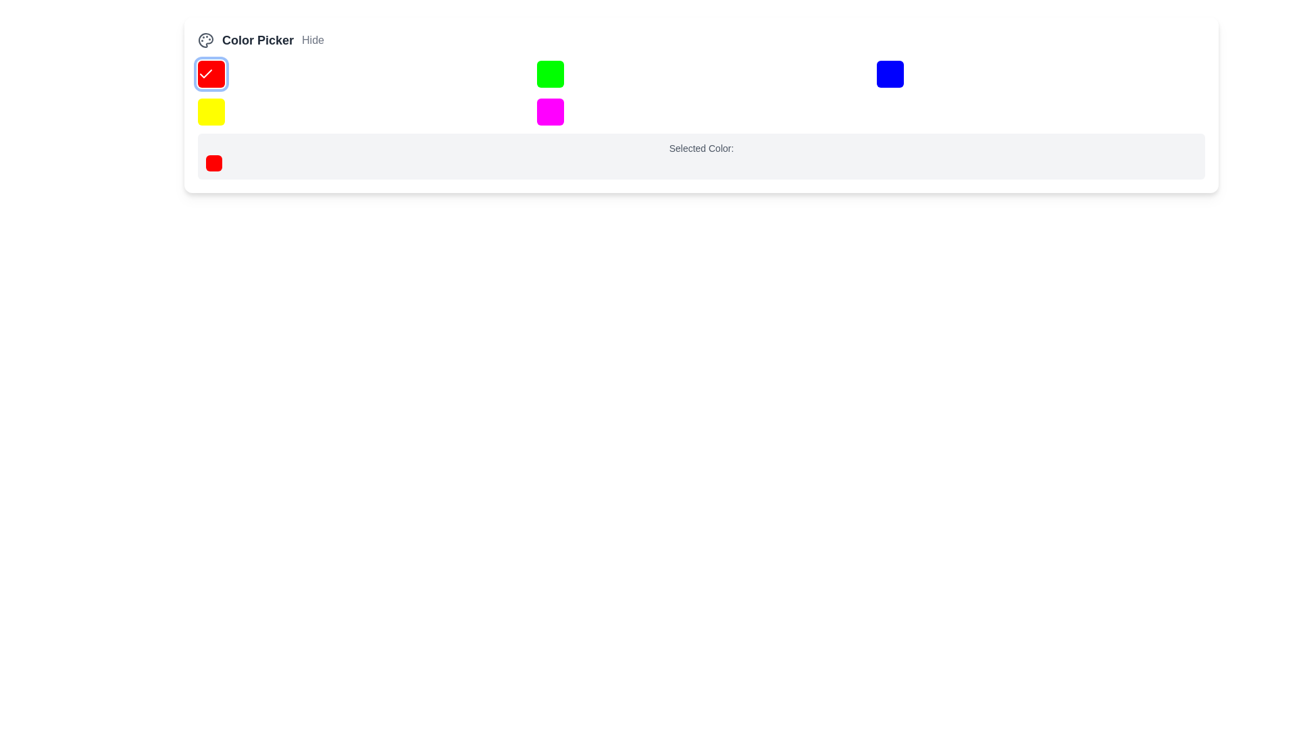  I want to click on the button located to the right of the 'Color Picker' label to hide the color picker interface, so click(312, 40).